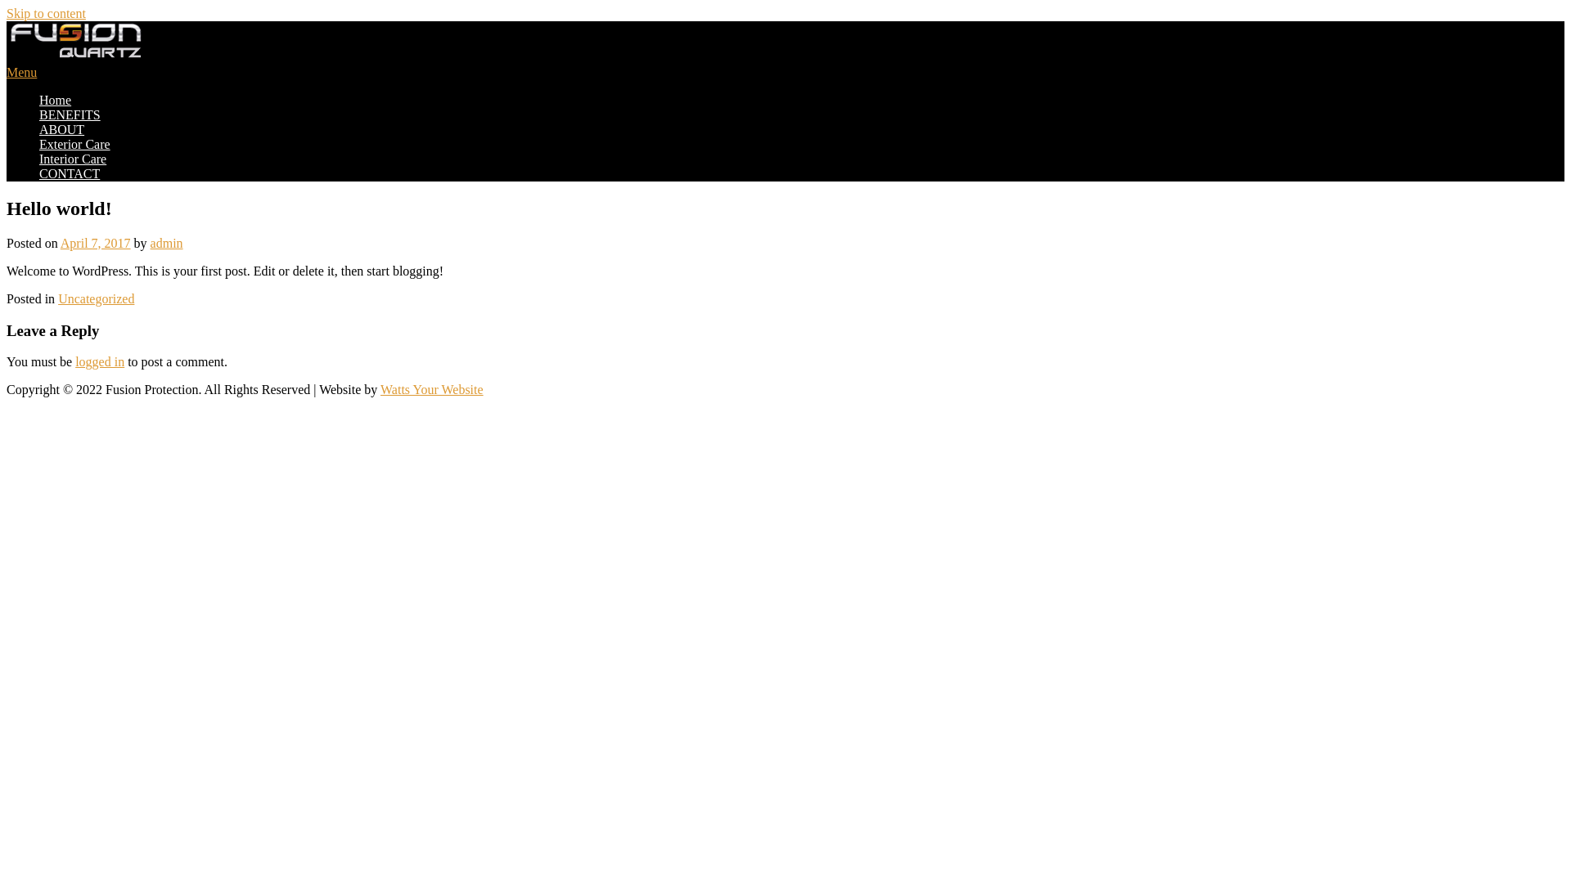 The width and height of the screenshot is (1571, 883). What do you see at coordinates (98, 361) in the screenshot?
I see `'logged in'` at bounding box center [98, 361].